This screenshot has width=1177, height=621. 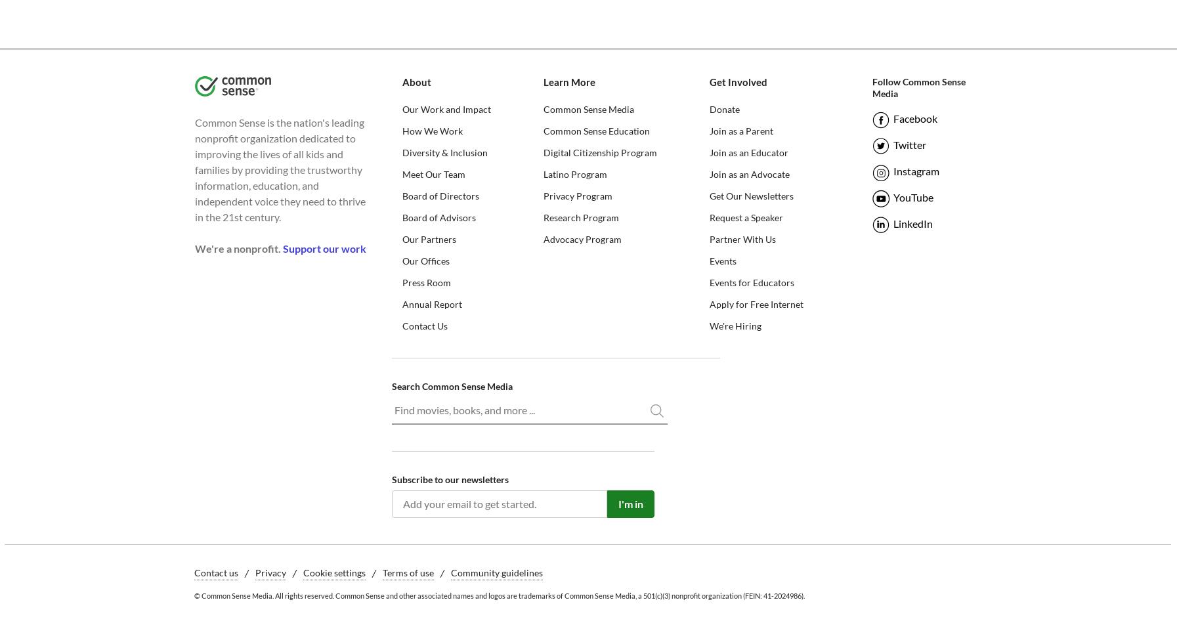 What do you see at coordinates (424, 260) in the screenshot?
I see `'Our Offices'` at bounding box center [424, 260].